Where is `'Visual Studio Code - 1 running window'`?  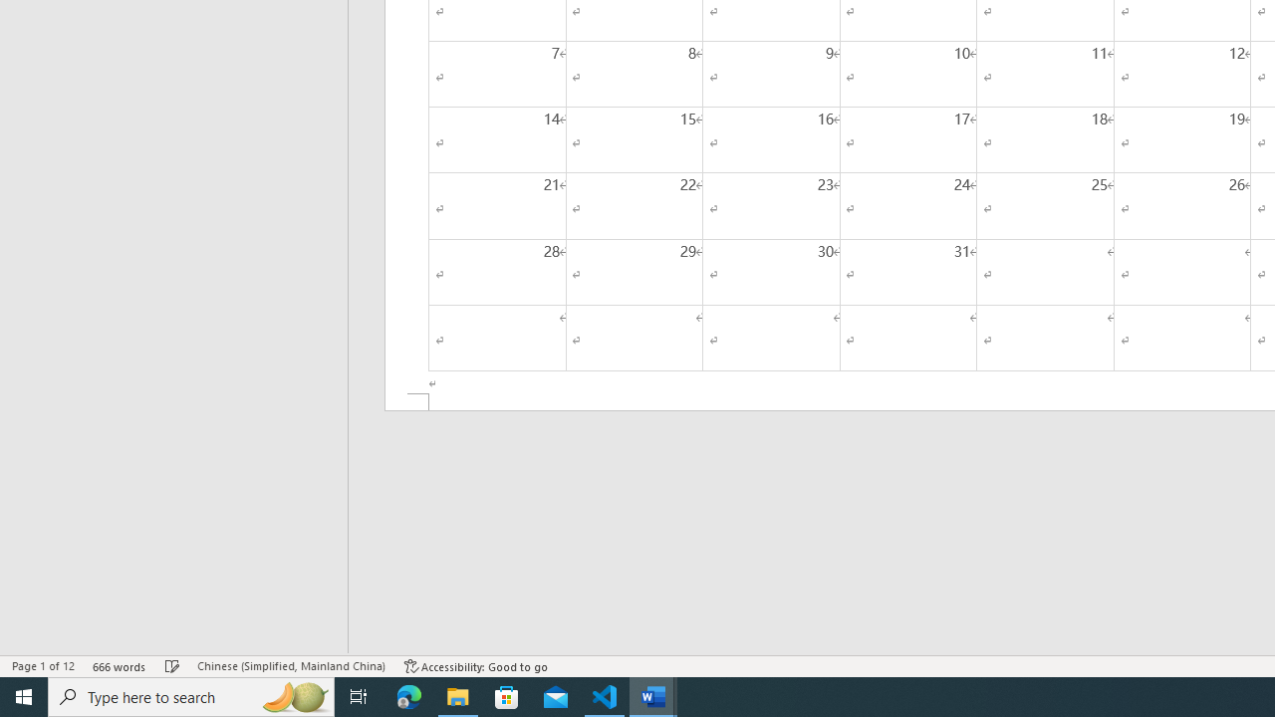
'Visual Studio Code - 1 running window' is located at coordinates (604, 695).